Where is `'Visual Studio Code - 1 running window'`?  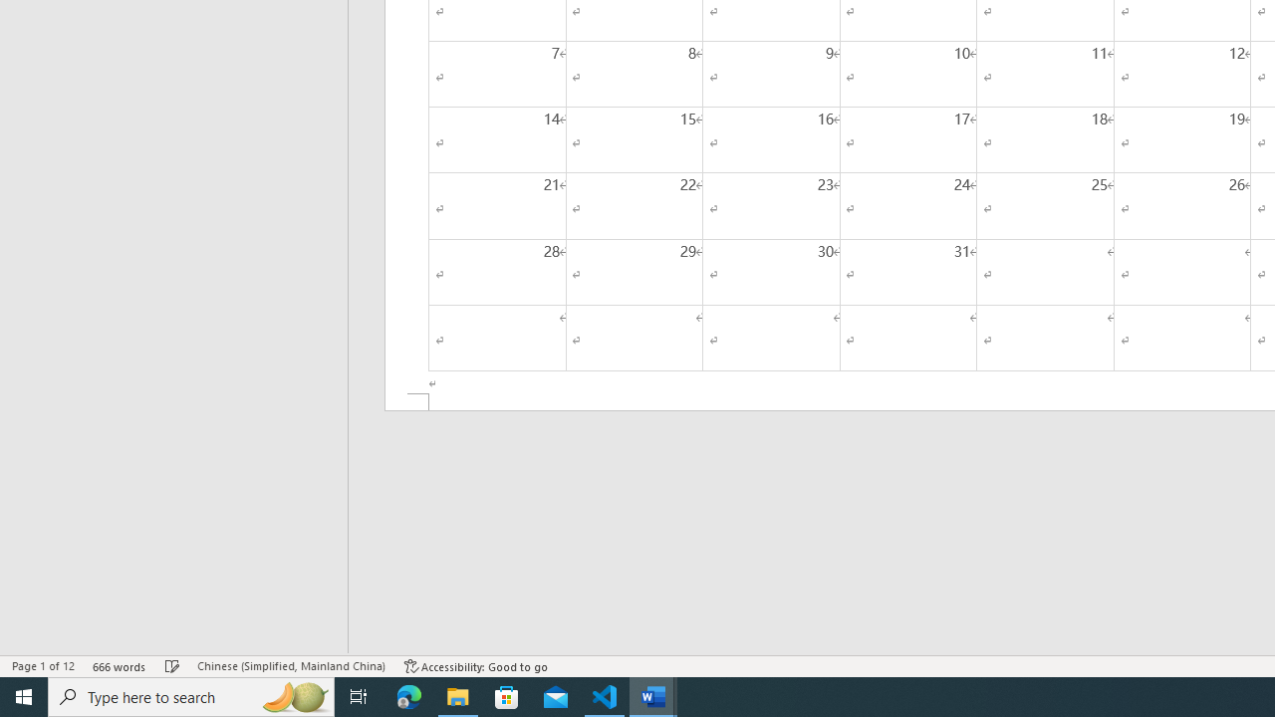
'Visual Studio Code - 1 running window' is located at coordinates (604, 695).